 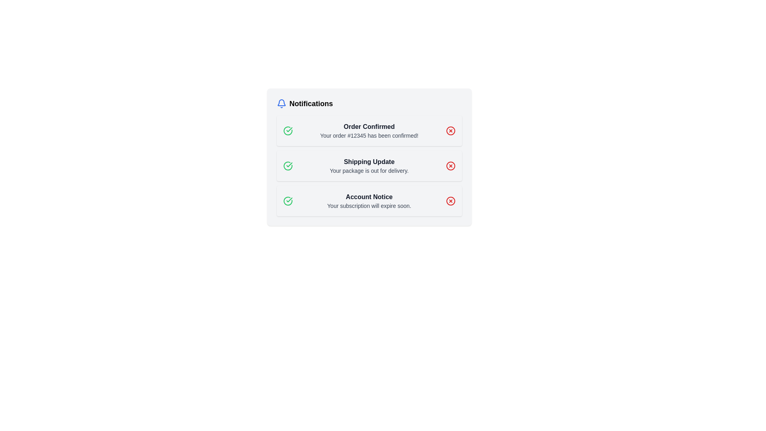 I want to click on the green circled check icon indicating success, which is located in the second row of the notification list, adjacent to 'Shipping Update', so click(x=287, y=166).